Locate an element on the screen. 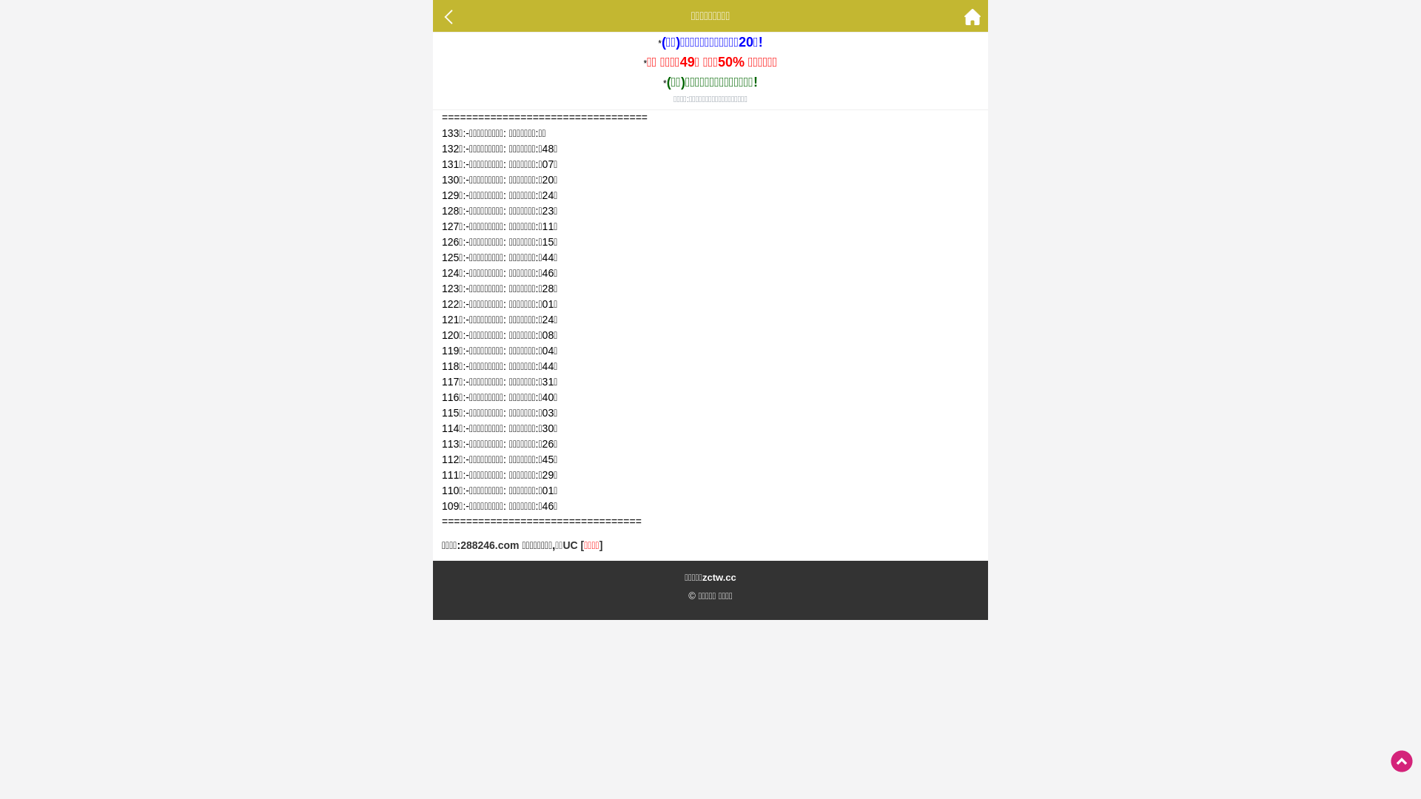 The image size is (1421, 799). '288246.com' is located at coordinates (489, 545).